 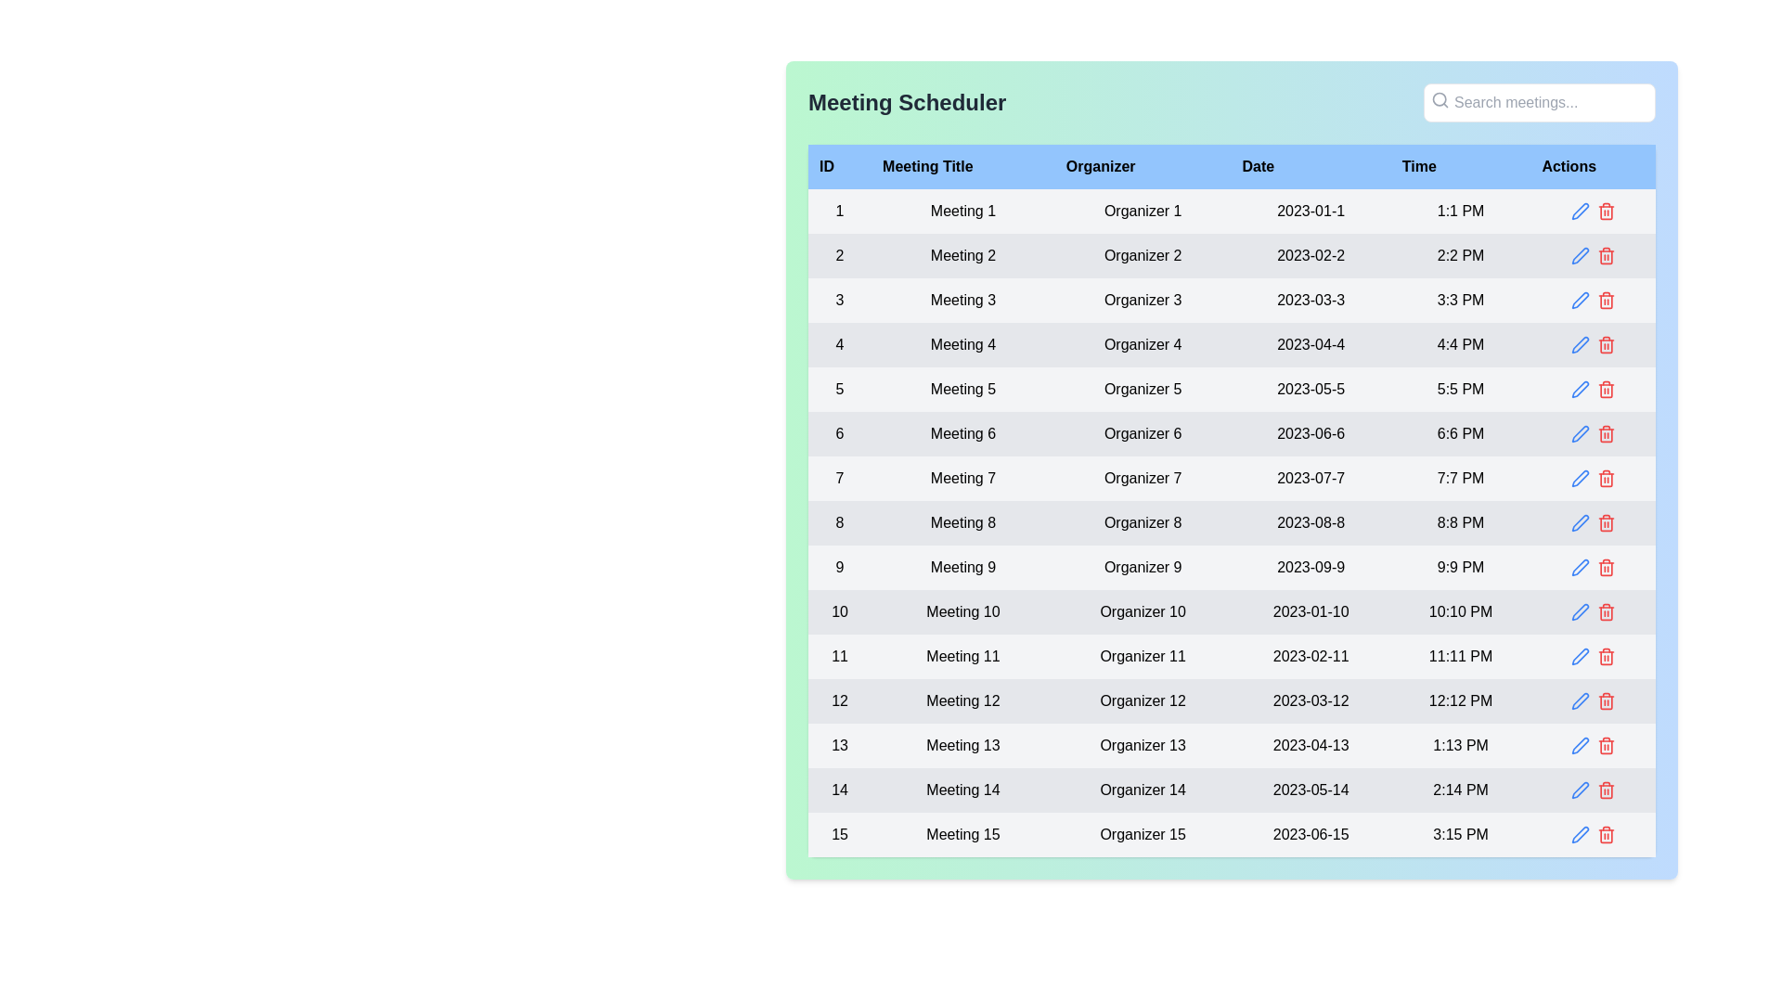 I want to click on the text label displaying the date '2023-01-1' in the 'Date' column of the table for 'Meeting 1', which is located between 'Organizer 1' and '1:1 PM', so click(x=1310, y=210).